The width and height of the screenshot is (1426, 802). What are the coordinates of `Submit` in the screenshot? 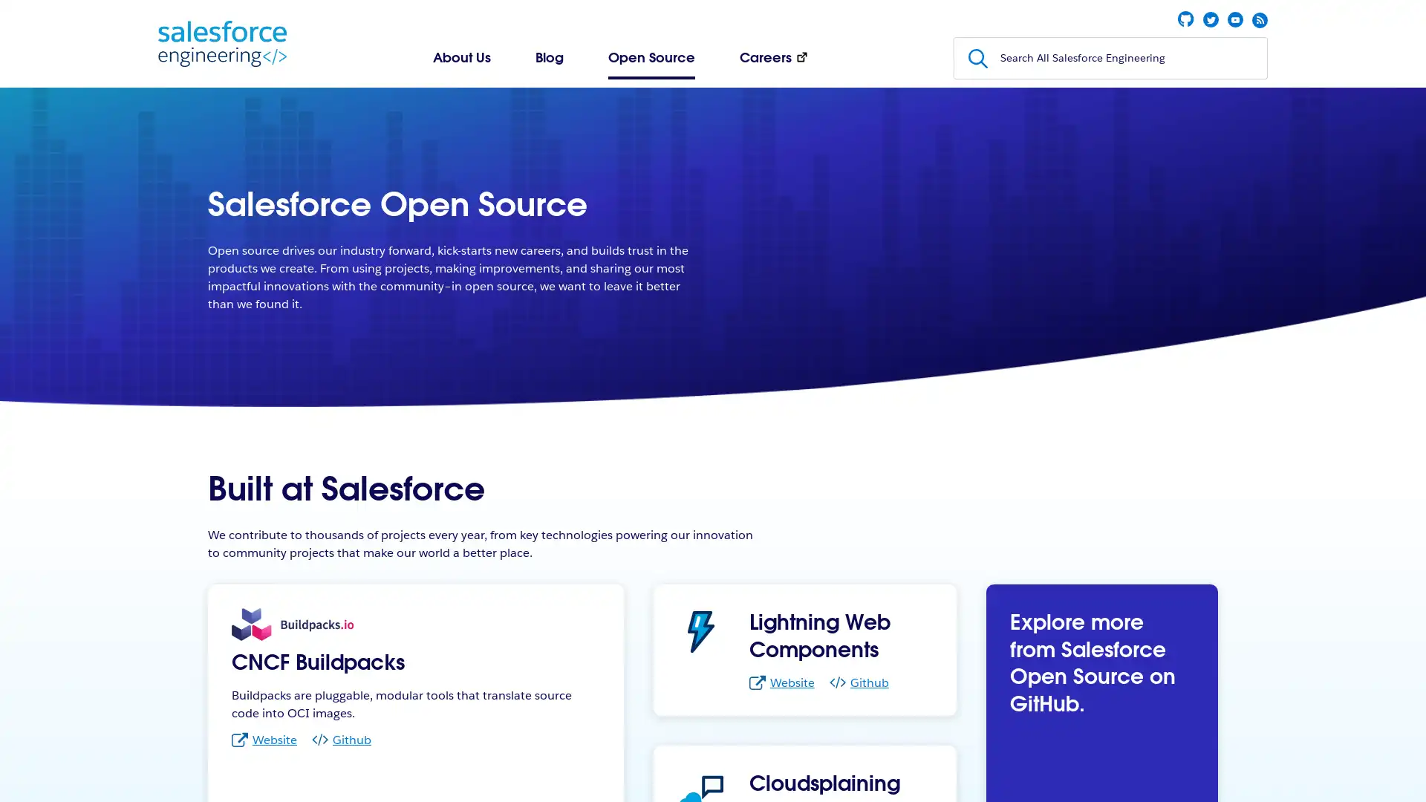 It's located at (1266, 36).